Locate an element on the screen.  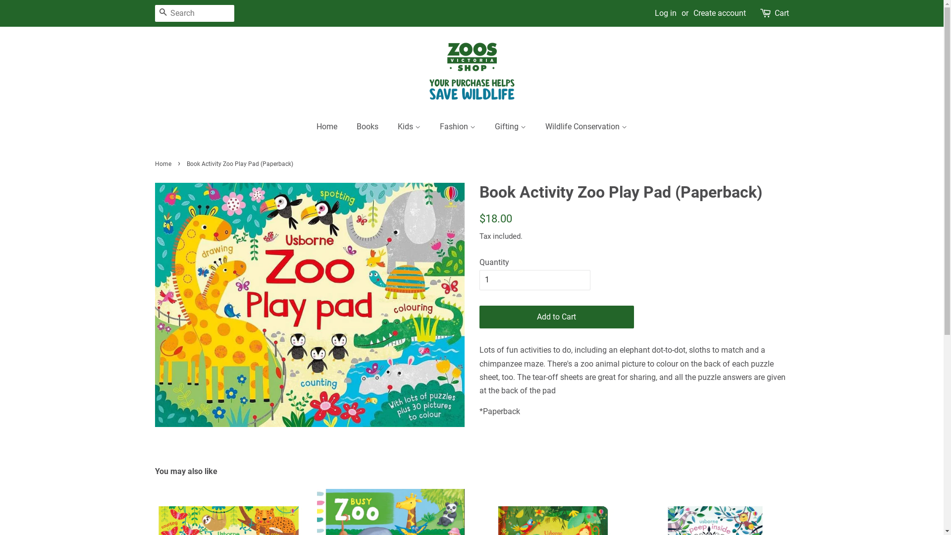
'Cart' is located at coordinates (781, 13).